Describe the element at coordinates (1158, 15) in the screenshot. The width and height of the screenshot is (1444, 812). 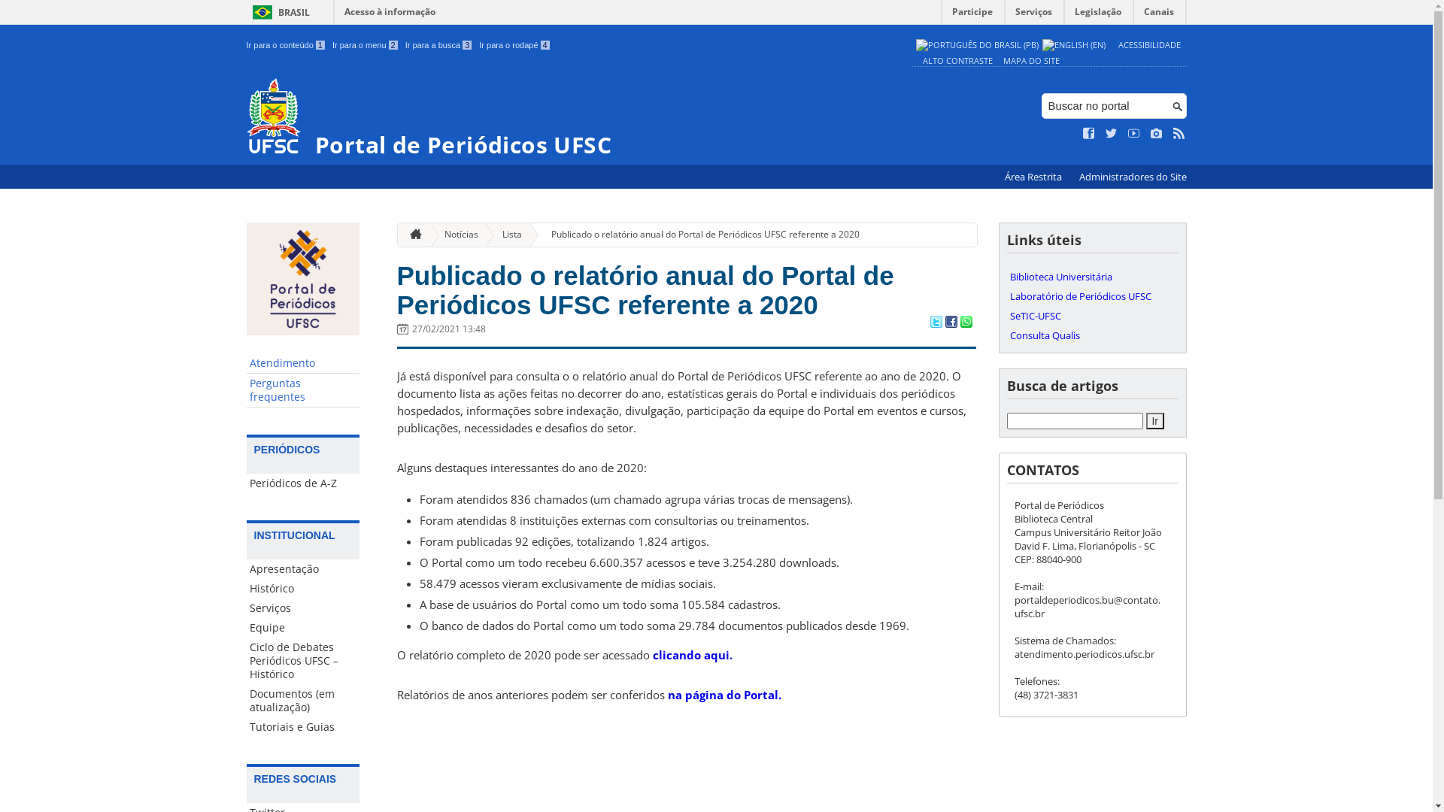
I see `'Canais'` at that location.